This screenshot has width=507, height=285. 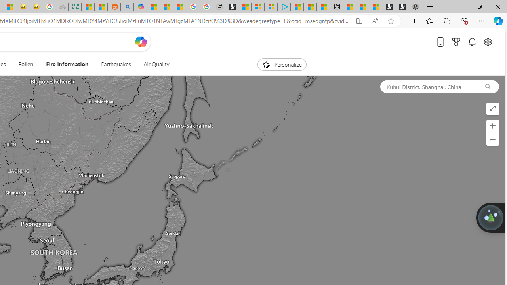 What do you see at coordinates (492, 125) in the screenshot?
I see `'Zoom in'` at bounding box center [492, 125].